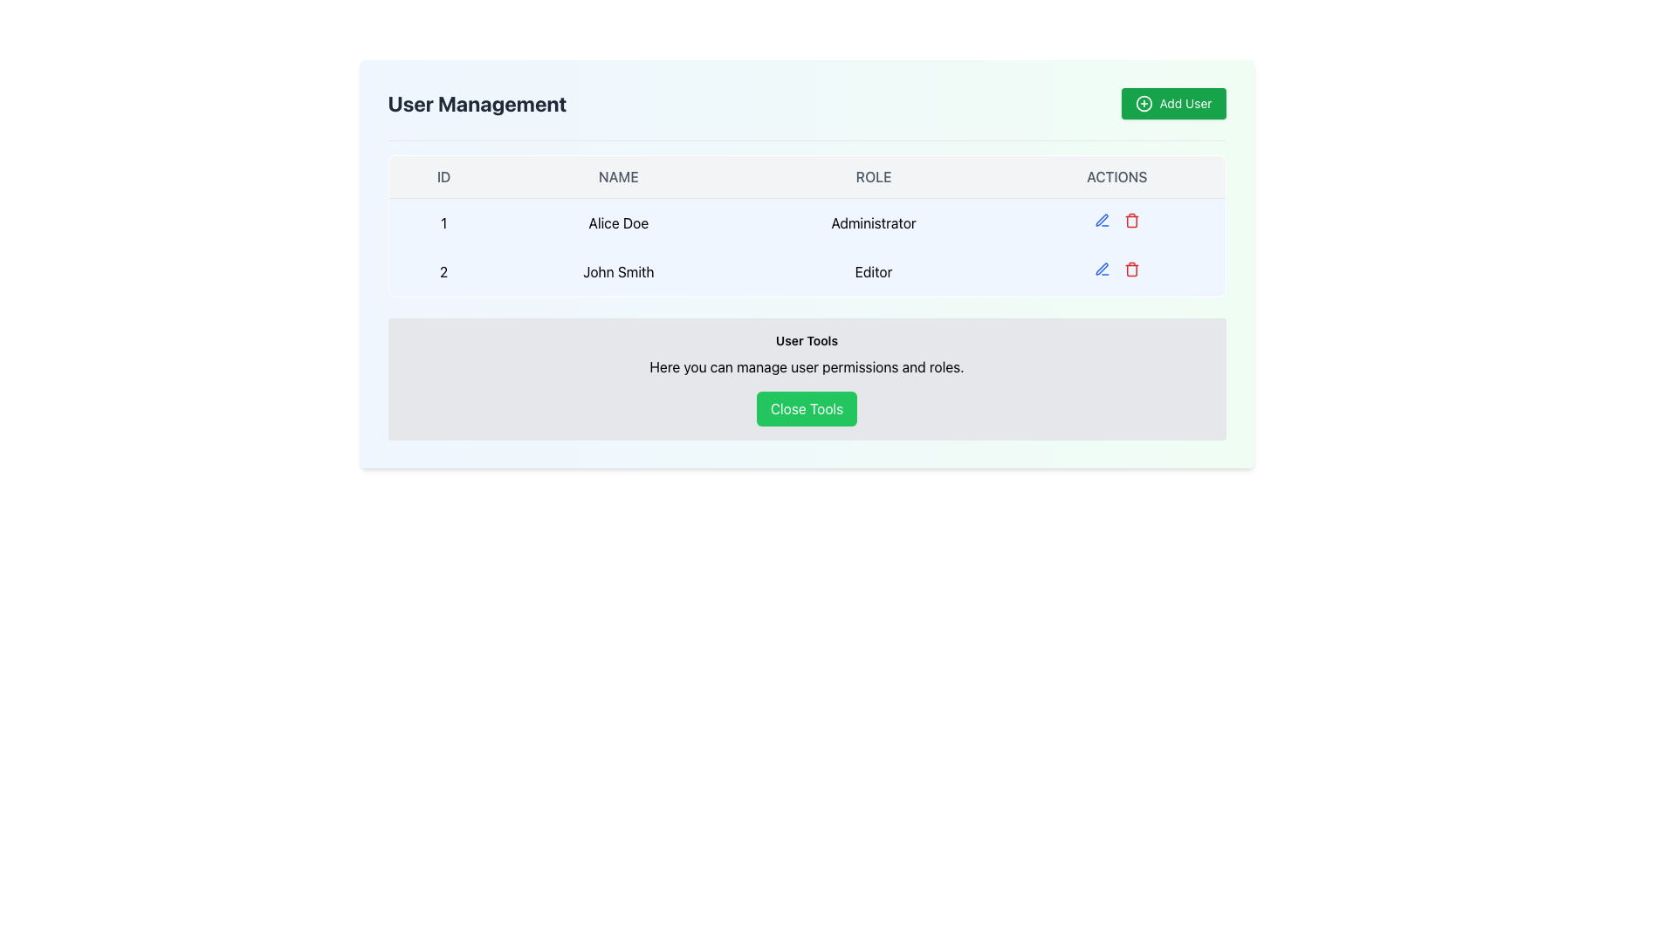  Describe the element at coordinates (1131, 220) in the screenshot. I see `the trash bin icon button in the 'Actions' column of the second row in the User Management table` at that location.